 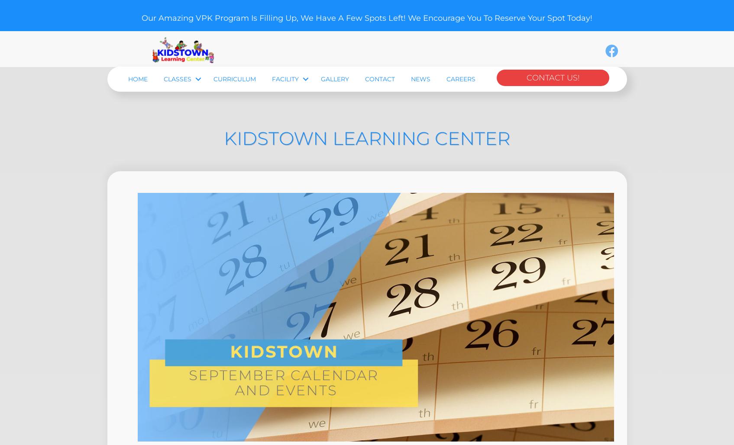 What do you see at coordinates (178, 128) in the screenshot?
I see `'Classes'` at bounding box center [178, 128].